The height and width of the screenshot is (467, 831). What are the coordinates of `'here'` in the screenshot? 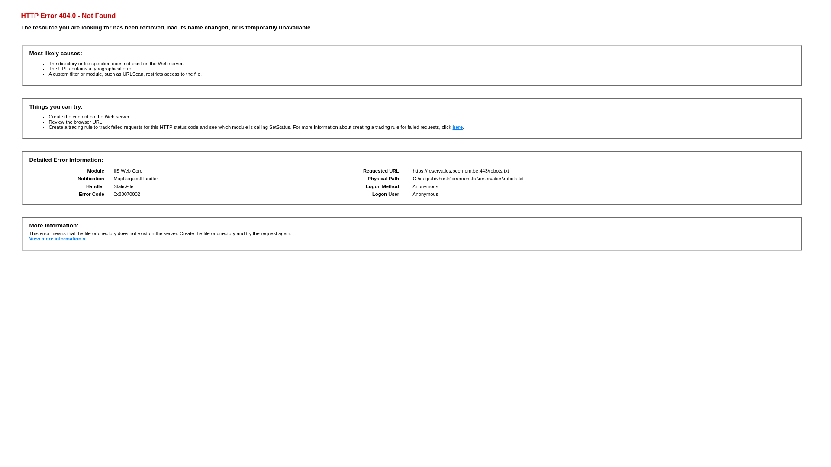 It's located at (452, 127).